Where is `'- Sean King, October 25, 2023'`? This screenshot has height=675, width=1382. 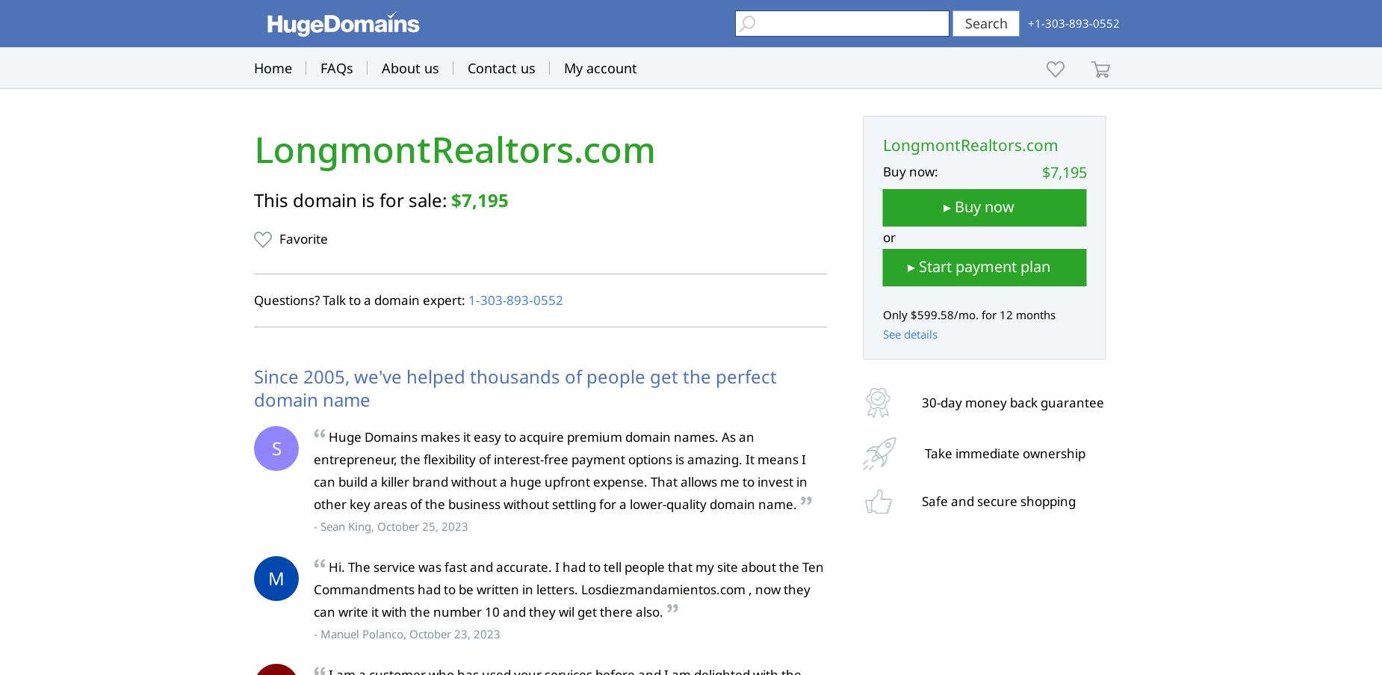
'- Sean King, October 25, 2023' is located at coordinates (391, 525).